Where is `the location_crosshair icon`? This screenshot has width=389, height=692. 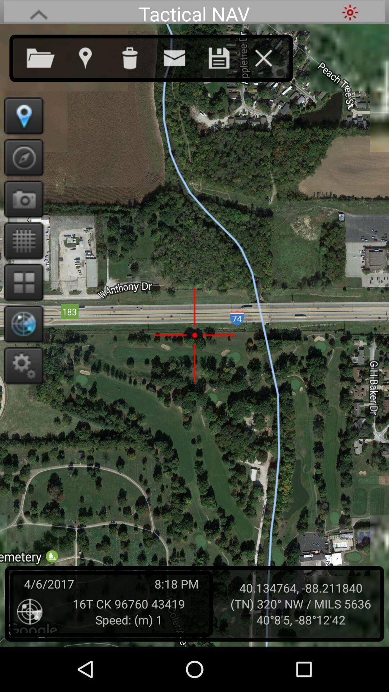
the location_crosshair icon is located at coordinates (29, 655).